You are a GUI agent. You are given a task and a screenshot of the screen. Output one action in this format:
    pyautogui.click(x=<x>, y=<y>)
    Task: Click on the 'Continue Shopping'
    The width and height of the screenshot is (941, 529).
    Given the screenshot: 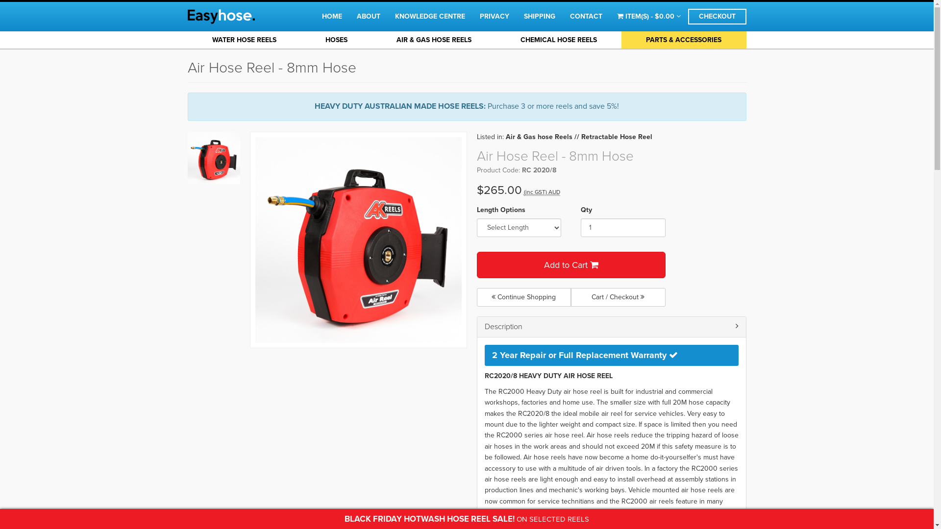 What is the action you would take?
    pyautogui.click(x=523, y=296)
    